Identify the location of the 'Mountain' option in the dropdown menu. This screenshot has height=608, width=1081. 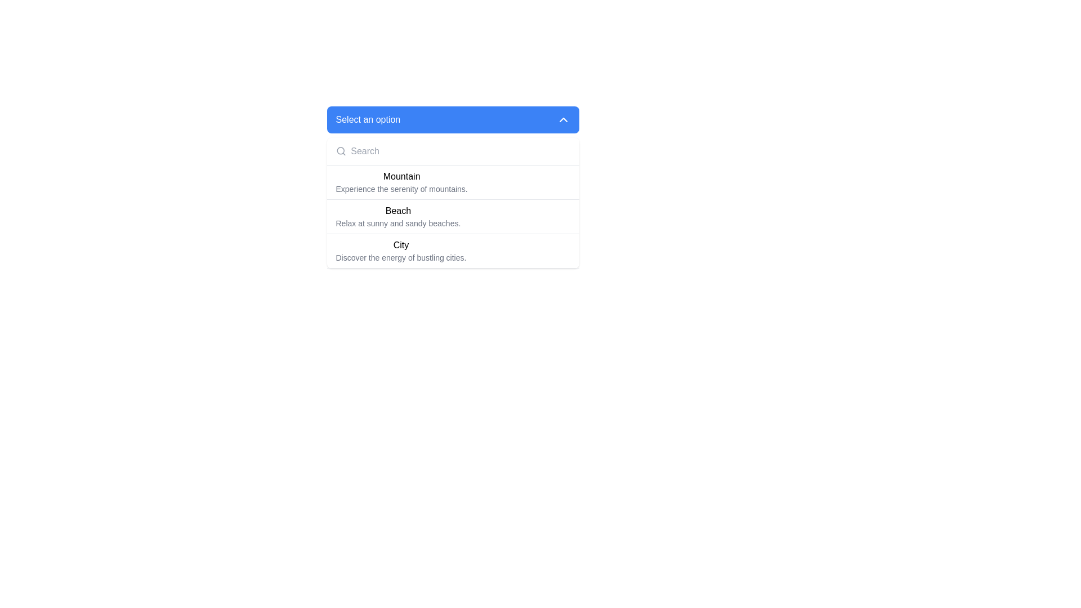
(453, 186).